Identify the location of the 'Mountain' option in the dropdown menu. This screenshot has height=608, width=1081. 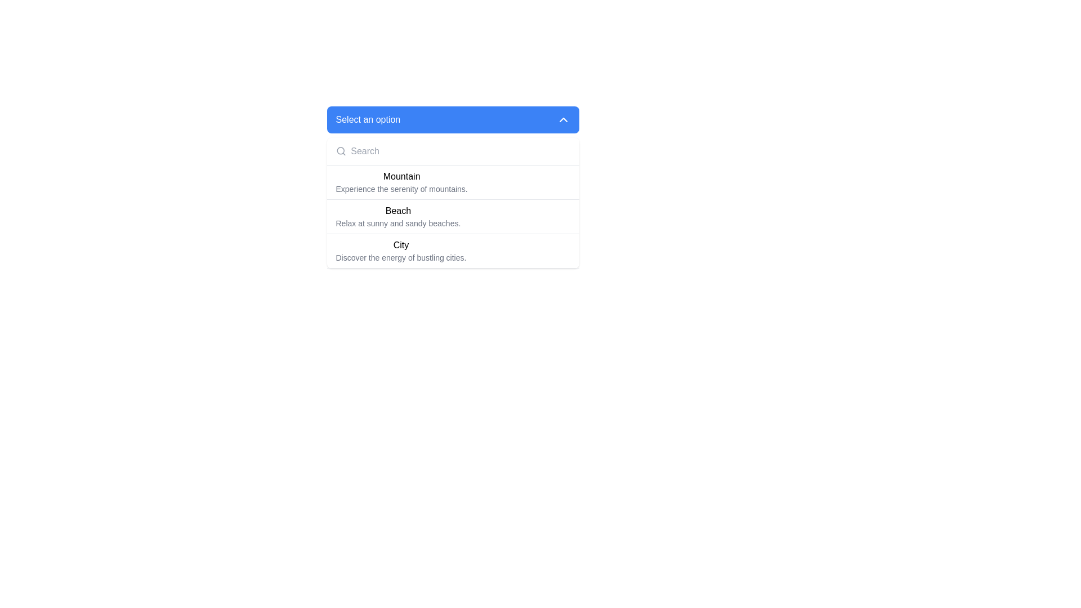
(453, 186).